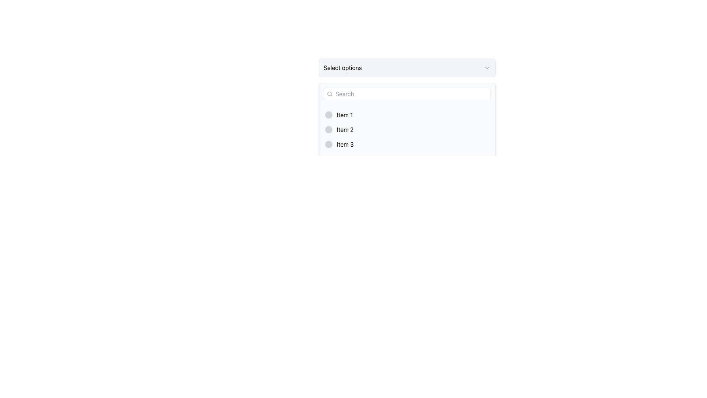 Image resolution: width=707 pixels, height=398 pixels. Describe the element at coordinates (487, 68) in the screenshot. I see `the chevron-down icon located at the far right of the 'Select options' dropdown` at that location.